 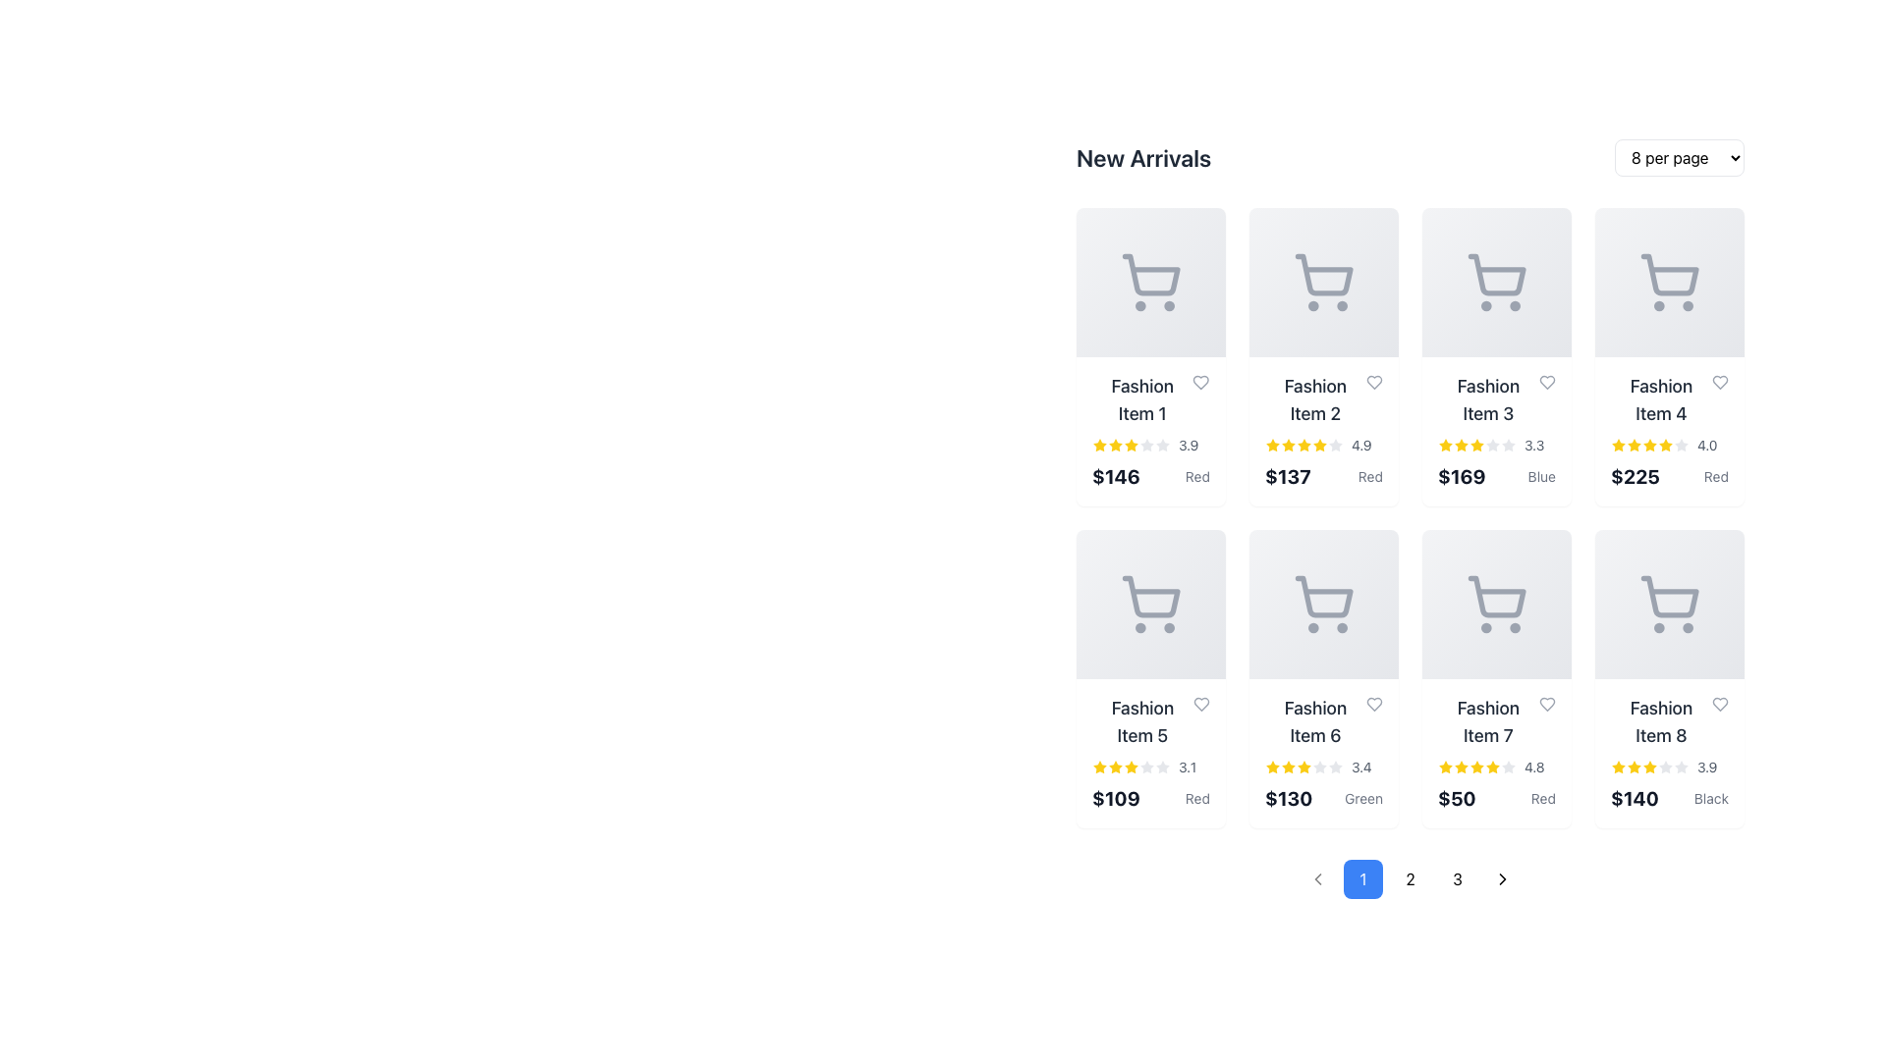 What do you see at coordinates (1150, 604) in the screenshot?
I see `the shopping cart icon within the light gray rounded square area at the top of the card for 'Fashion Item 5'` at bounding box center [1150, 604].